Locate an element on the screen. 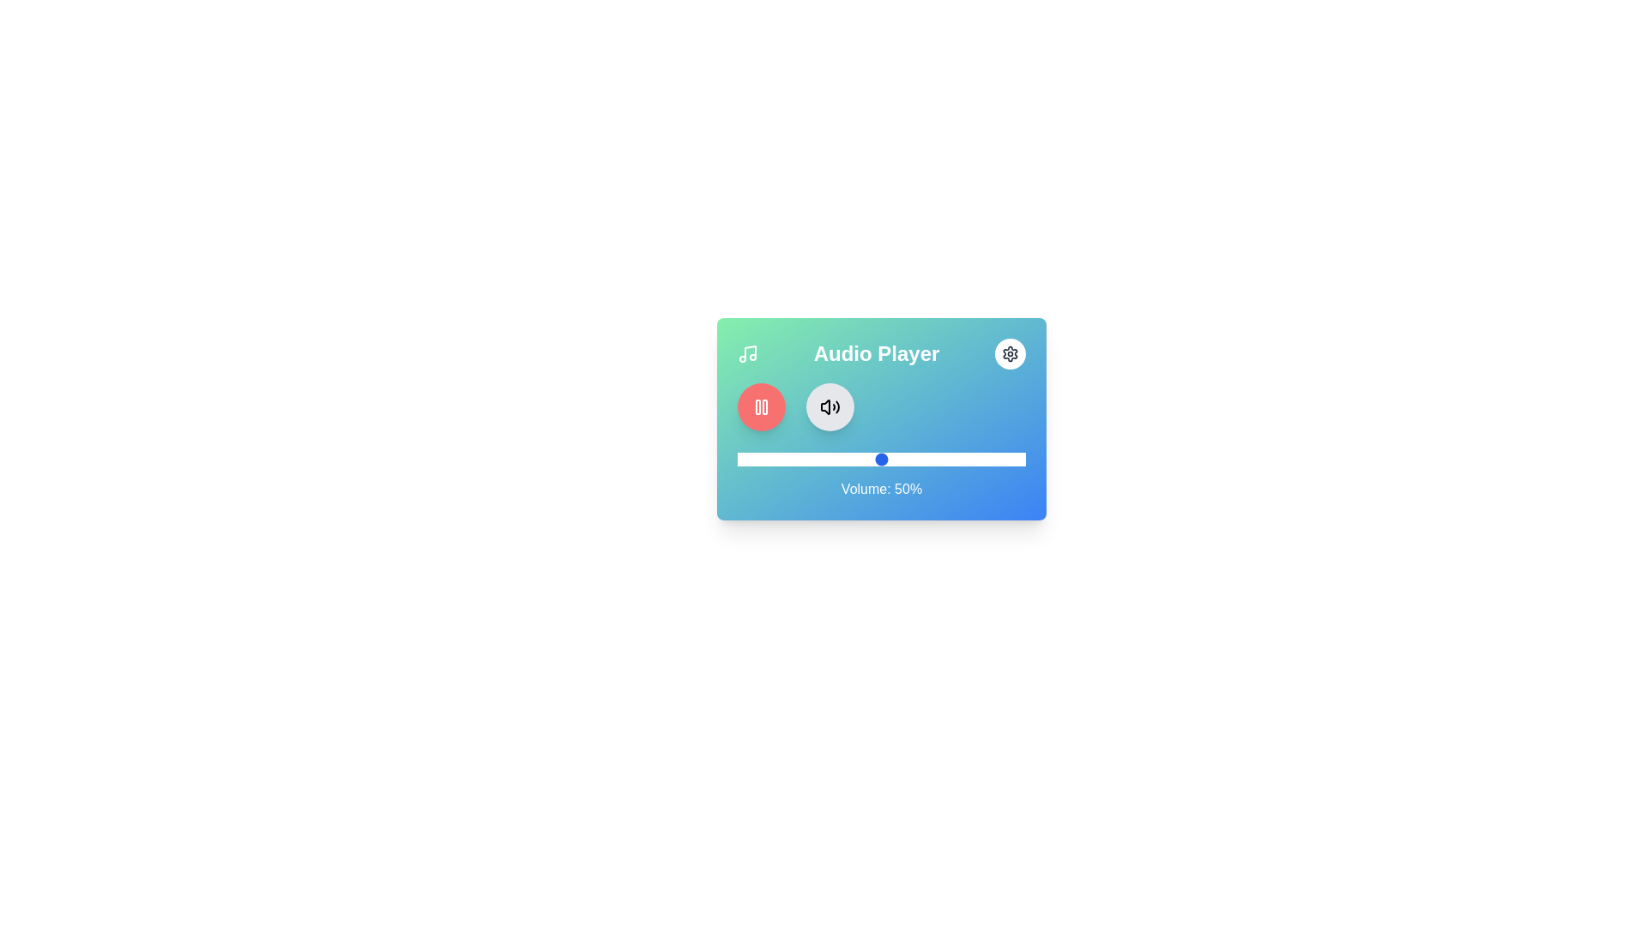 Image resolution: width=1647 pixels, height=926 pixels. the range slider input element, which is a horizontal slider bar with a blue thumb handle positioned in the middle, indicating a volume adjustment at 50% is located at coordinates (881, 459).